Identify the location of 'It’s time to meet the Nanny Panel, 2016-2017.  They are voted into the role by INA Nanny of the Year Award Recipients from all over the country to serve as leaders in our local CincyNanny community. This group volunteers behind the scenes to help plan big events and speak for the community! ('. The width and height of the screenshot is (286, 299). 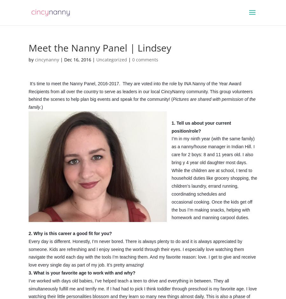
(140, 91).